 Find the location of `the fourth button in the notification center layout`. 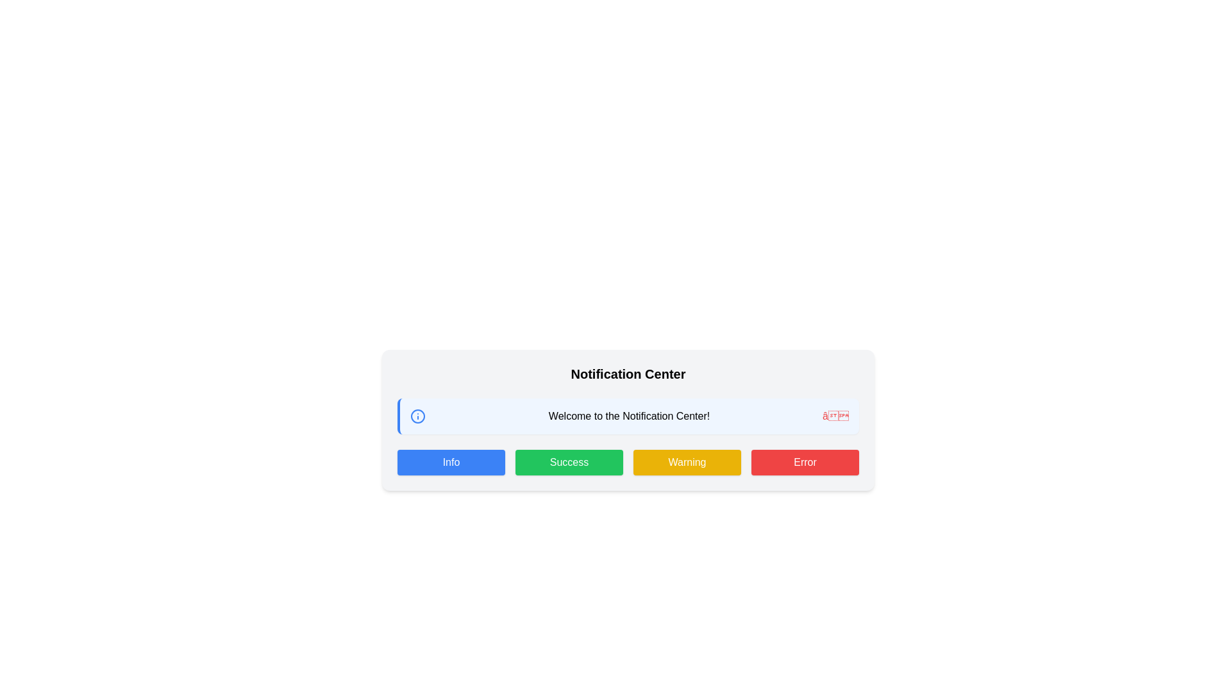

the fourth button in the notification center layout is located at coordinates (805, 462).